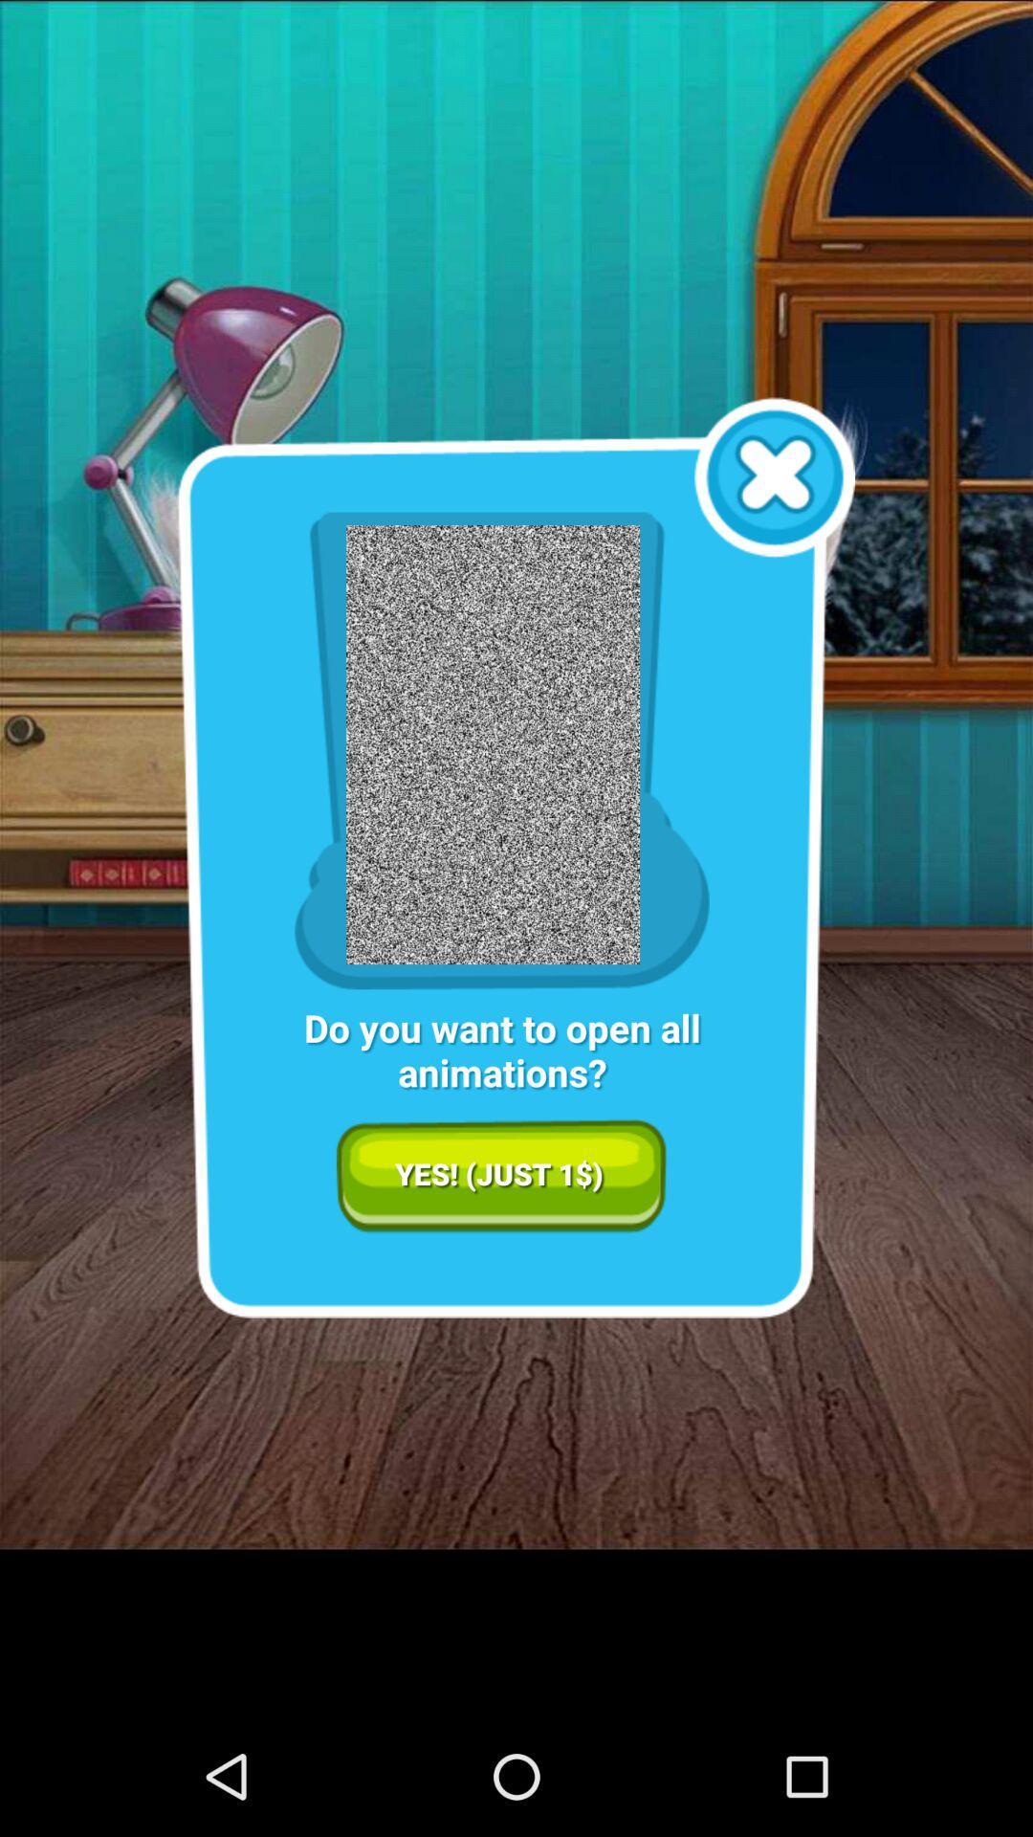 The height and width of the screenshot is (1837, 1033). I want to click on the close icon, so click(775, 511).